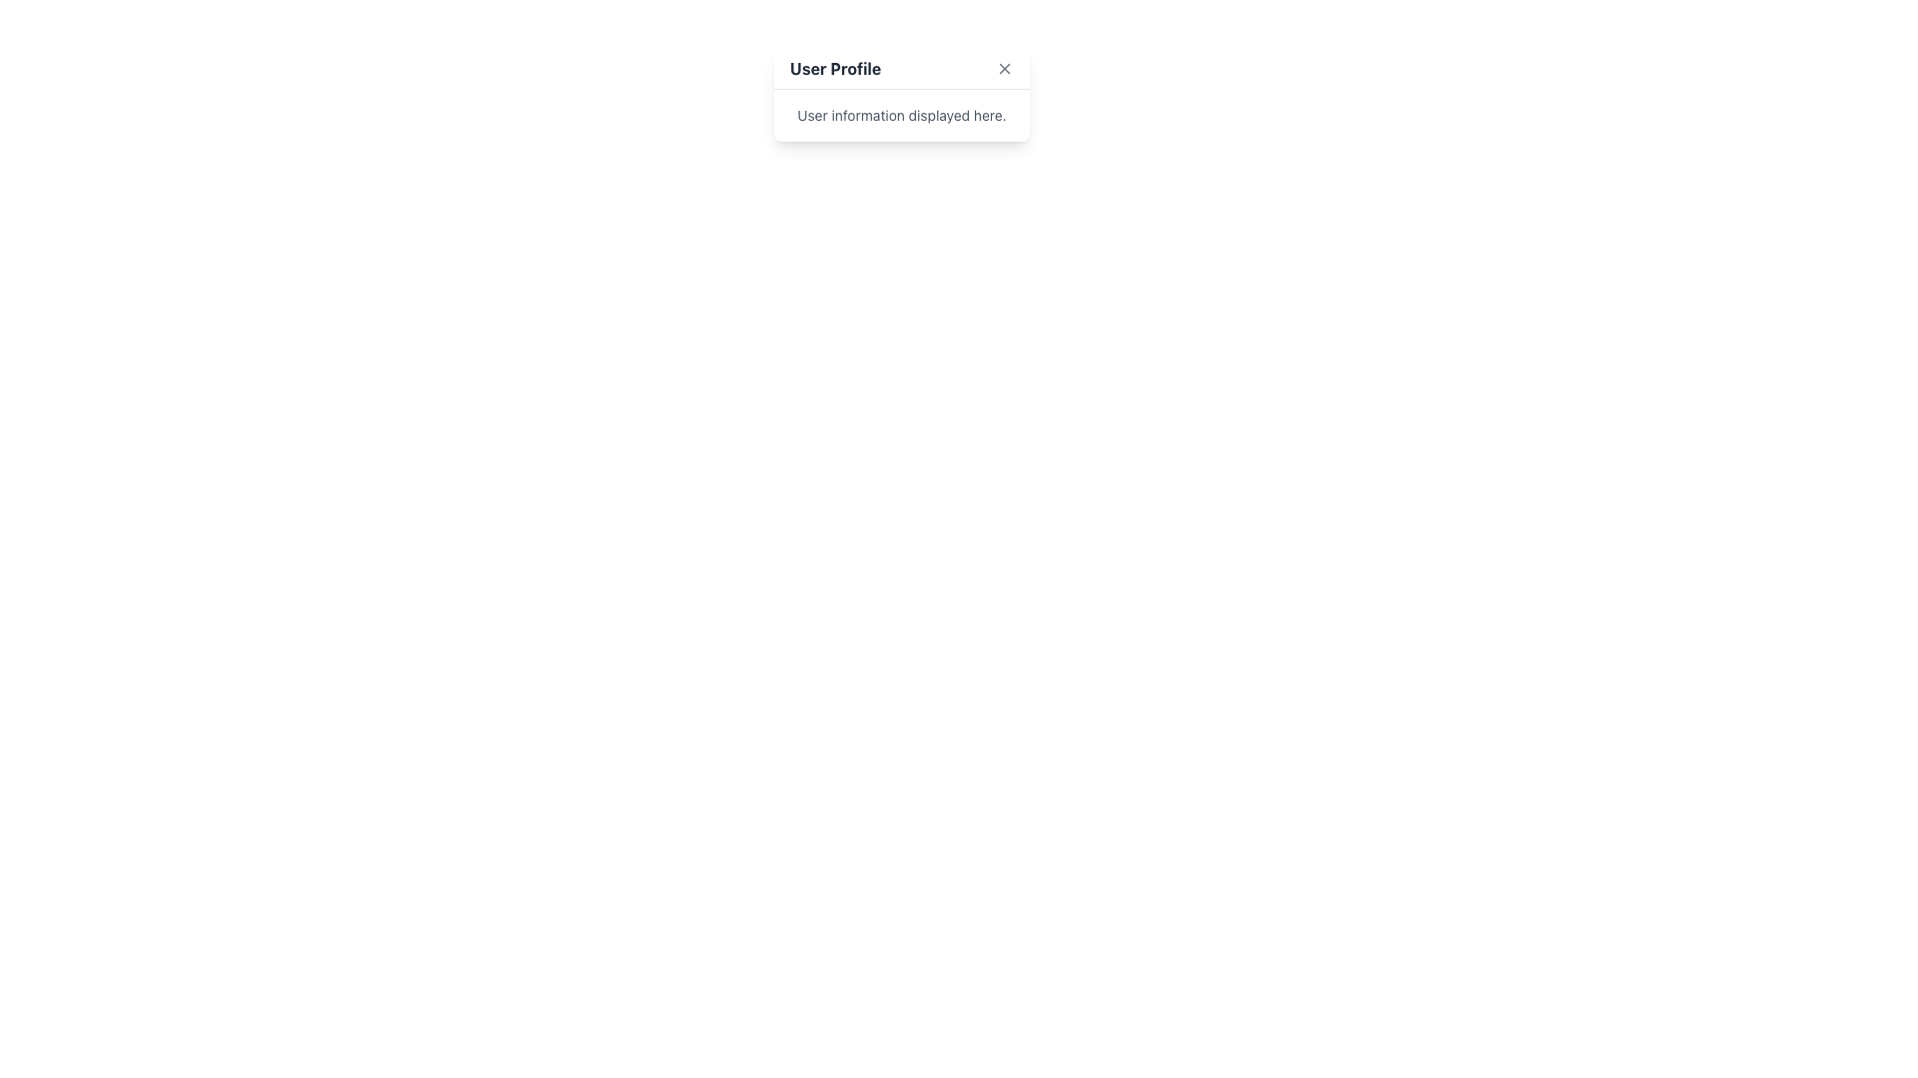  What do you see at coordinates (900, 115) in the screenshot?
I see `the static Text Label displaying user information, located below the 'User Profile' text` at bounding box center [900, 115].